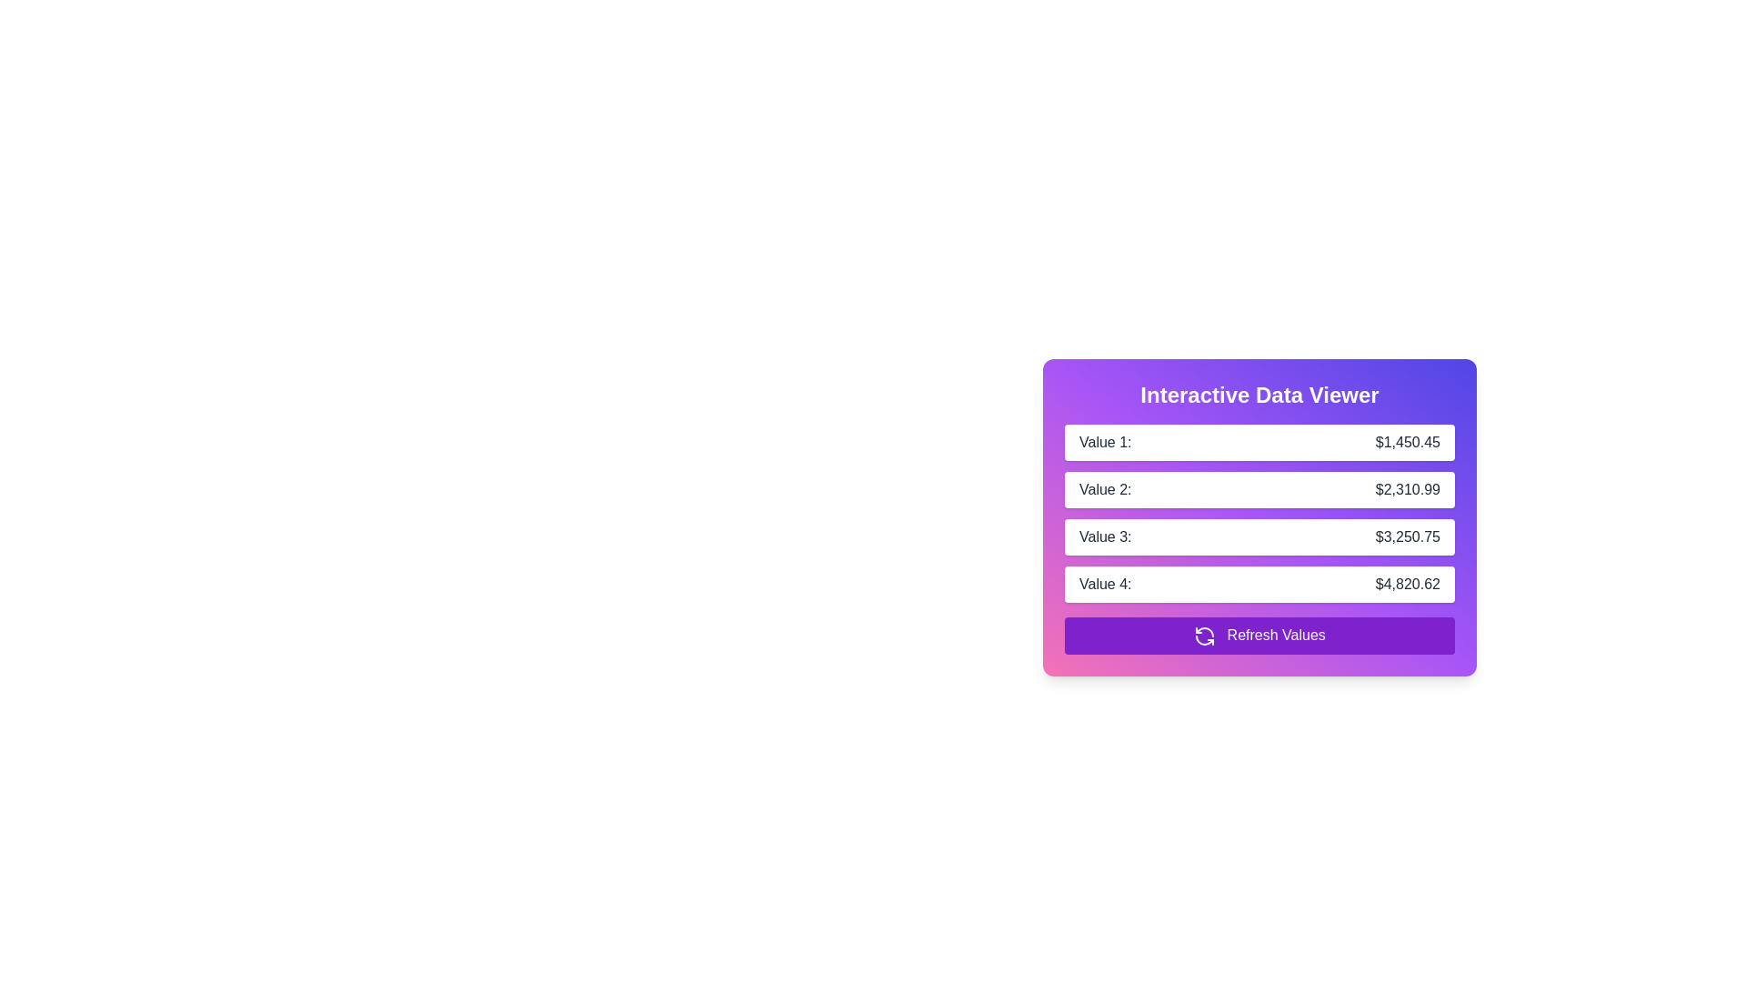 This screenshot has height=982, width=1746. Describe the element at coordinates (1104, 536) in the screenshot. I see `the label 'Value 3:' which is styled in dark text on a white background, located inside the card titled 'Interactive Data Viewer' and positioned to the left of the value '$3,250.75'` at that location.